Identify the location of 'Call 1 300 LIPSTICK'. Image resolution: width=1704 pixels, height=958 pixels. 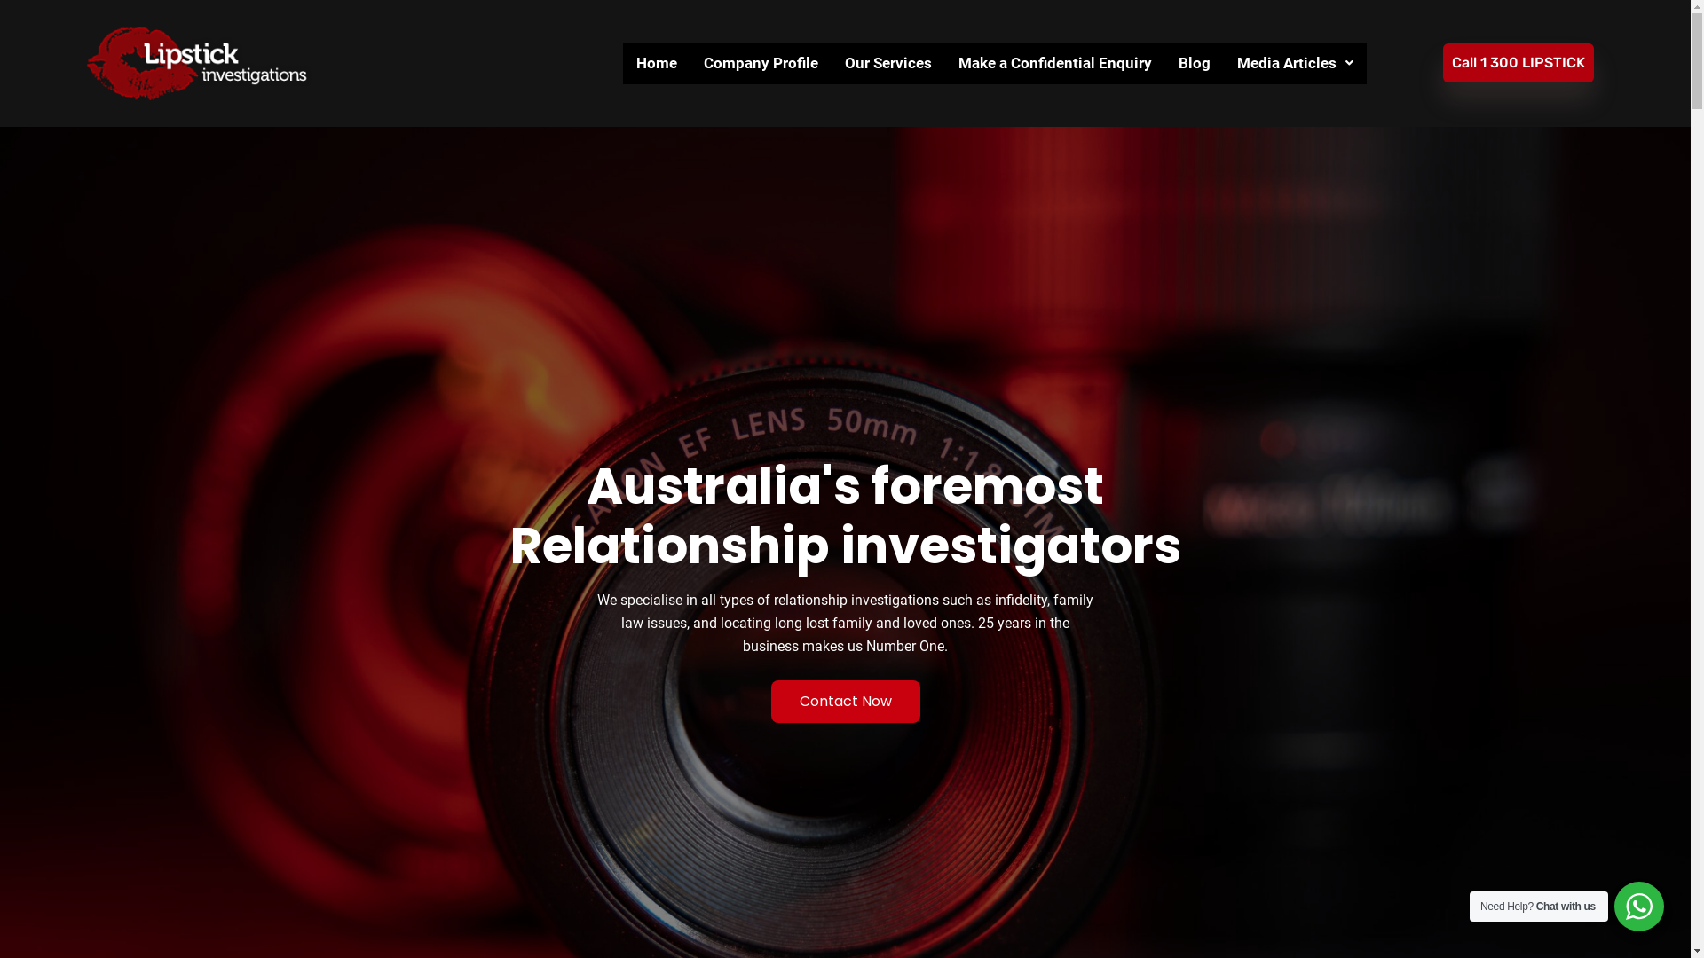
(1443, 61).